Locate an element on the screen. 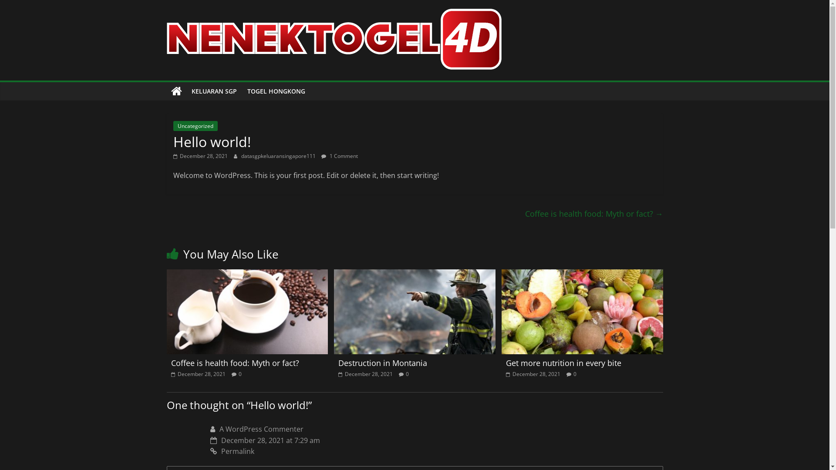 This screenshot has height=470, width=836. 'Permalink' is located at coordinates (209, 451).